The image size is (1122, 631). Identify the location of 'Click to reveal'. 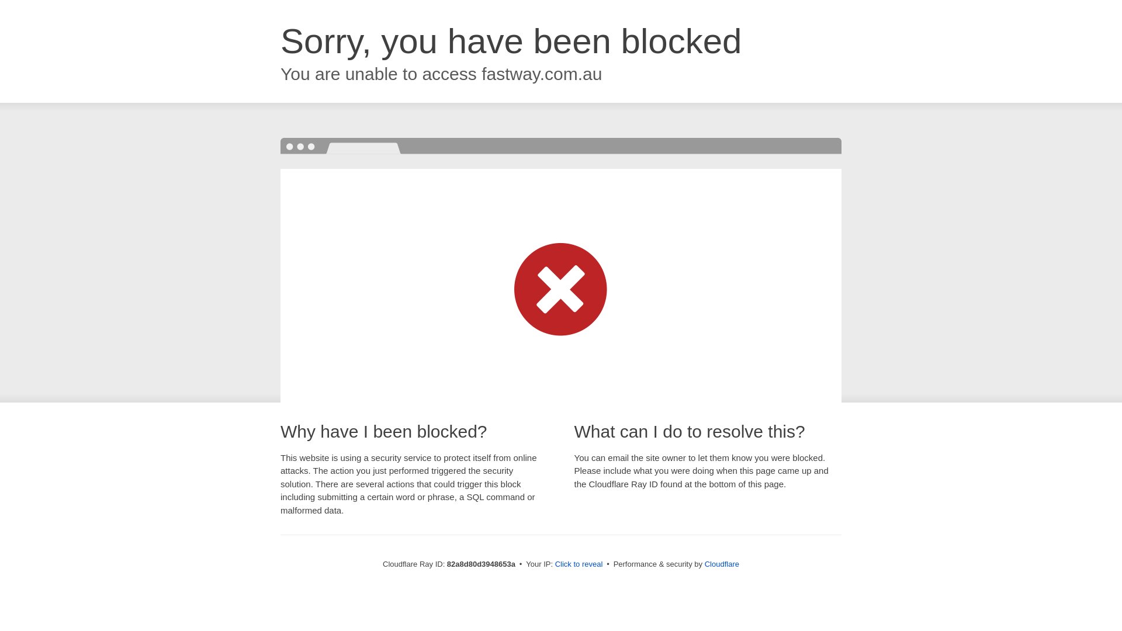
(555, 563).